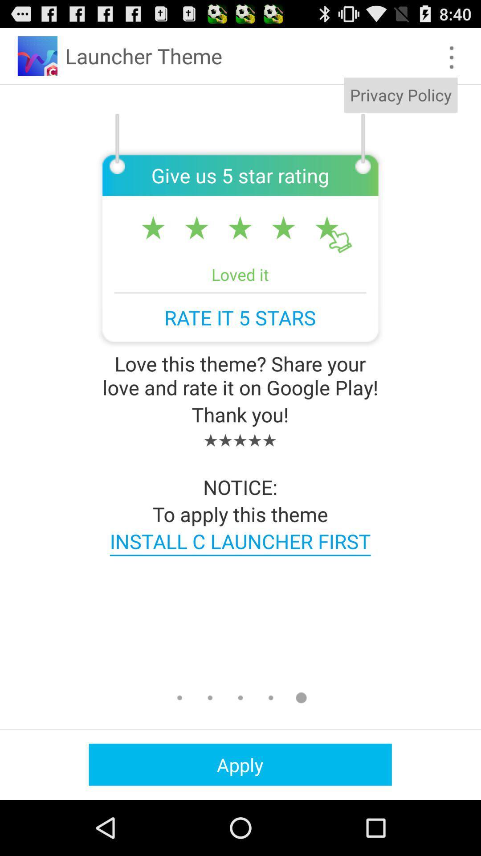 This screenshot has width=481, height=856. Describe the element at coordinates (240, 540) in the screenshot. I see `the icon below the to apply this app` at that location.